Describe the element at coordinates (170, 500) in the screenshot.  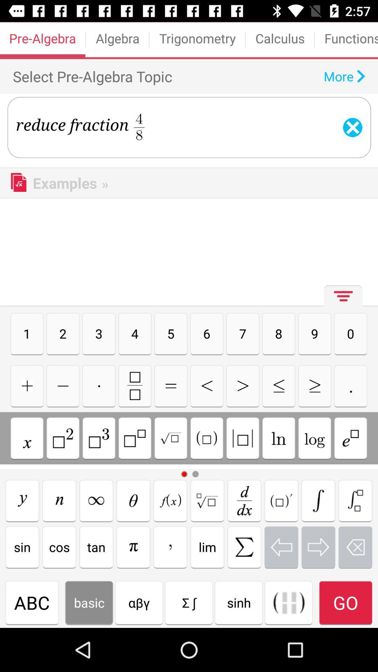
I see `the font icon` at that location.